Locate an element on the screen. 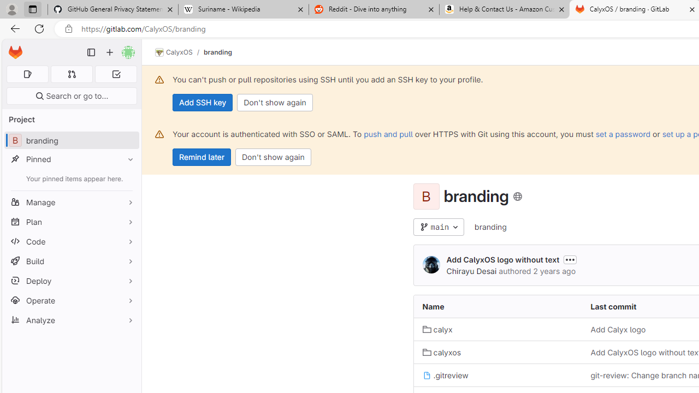  'Class: s16 icon' is located at coordinates (517, 196).